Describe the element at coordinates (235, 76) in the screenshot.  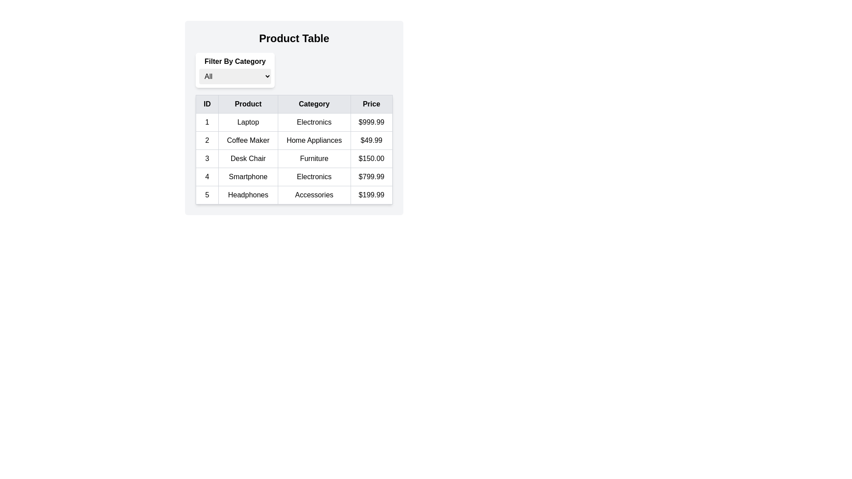
I see `an option from the dropdown menu labeled 'All' located below the 'Filter By Category' label` at that location.